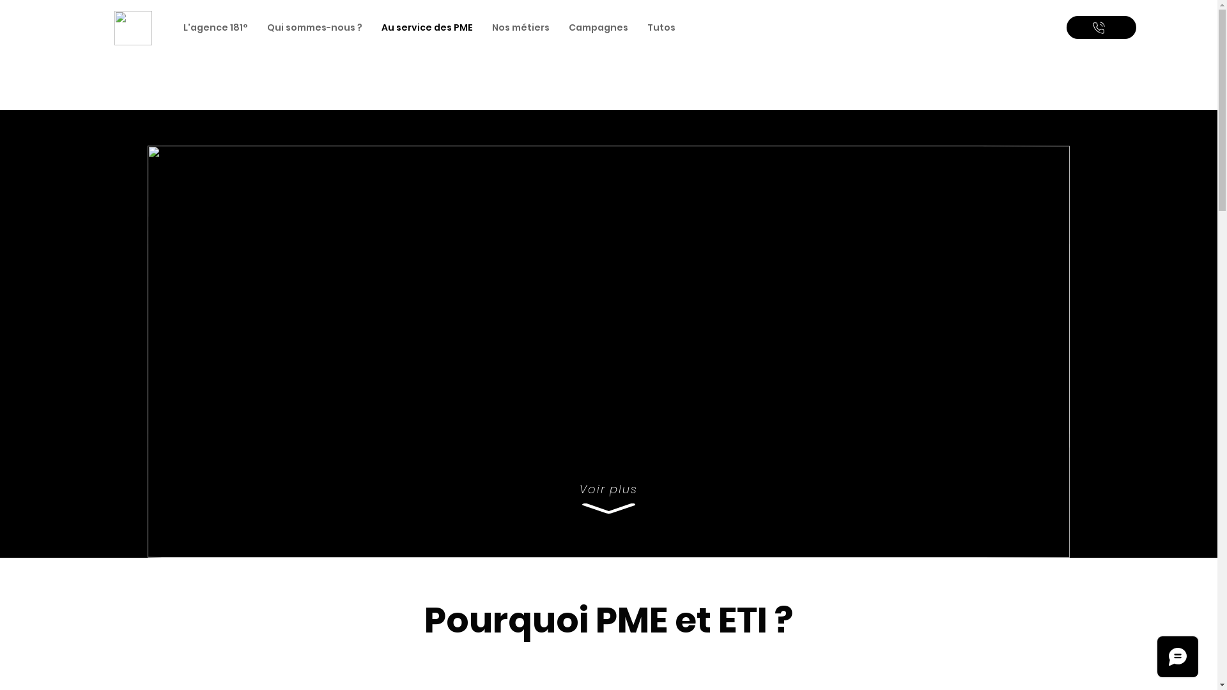 The width and height of the screenshot is (1227, 690). Describe the element at coordinates (559, 27) in the screenshot. I see `'Campagnes'` at that location.